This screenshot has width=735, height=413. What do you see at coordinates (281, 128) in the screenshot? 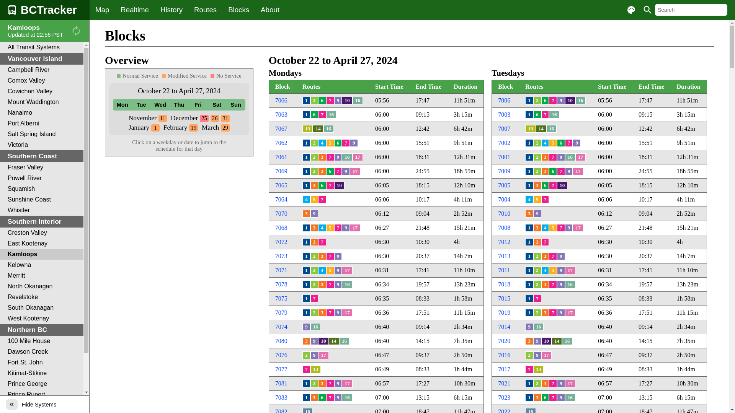
I see `'7067'` at bounding box center [281, 128].